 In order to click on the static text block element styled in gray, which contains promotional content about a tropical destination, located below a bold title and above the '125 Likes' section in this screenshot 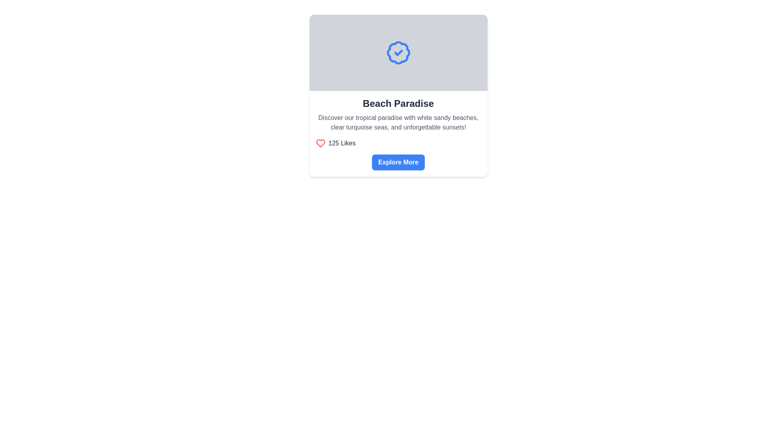, I will do `click(398, 122)`.